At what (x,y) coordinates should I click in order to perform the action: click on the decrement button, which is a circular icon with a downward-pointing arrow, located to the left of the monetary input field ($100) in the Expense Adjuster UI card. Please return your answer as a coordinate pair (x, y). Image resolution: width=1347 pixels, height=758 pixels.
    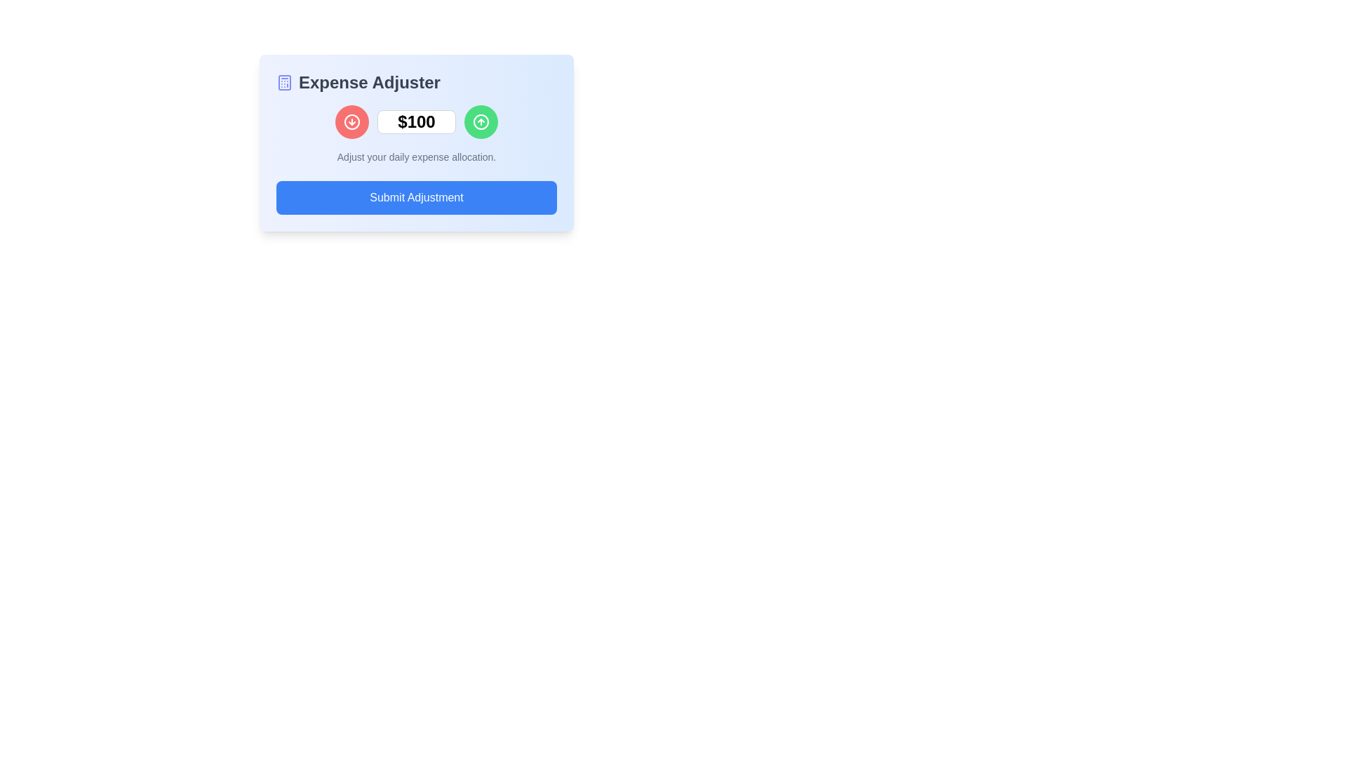
    Looking at the image, I should click on (352, 121).